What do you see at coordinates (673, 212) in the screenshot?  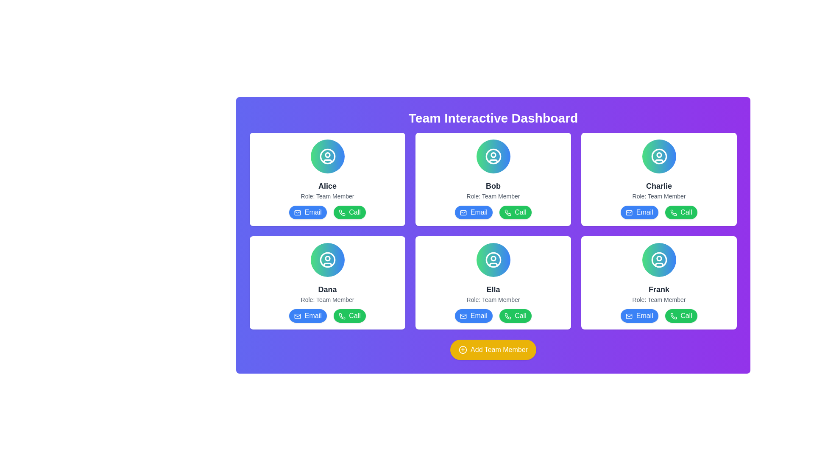 I see `the phone icon styled with a thin outline and rounded edges in the green 'Call' button to initiate a call` at bounding box center [673, 212].